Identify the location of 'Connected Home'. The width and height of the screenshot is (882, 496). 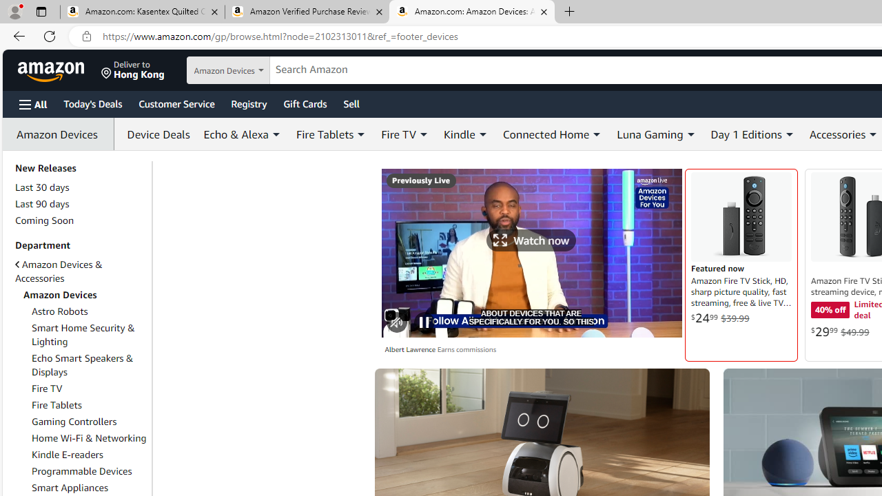
(553, 134).